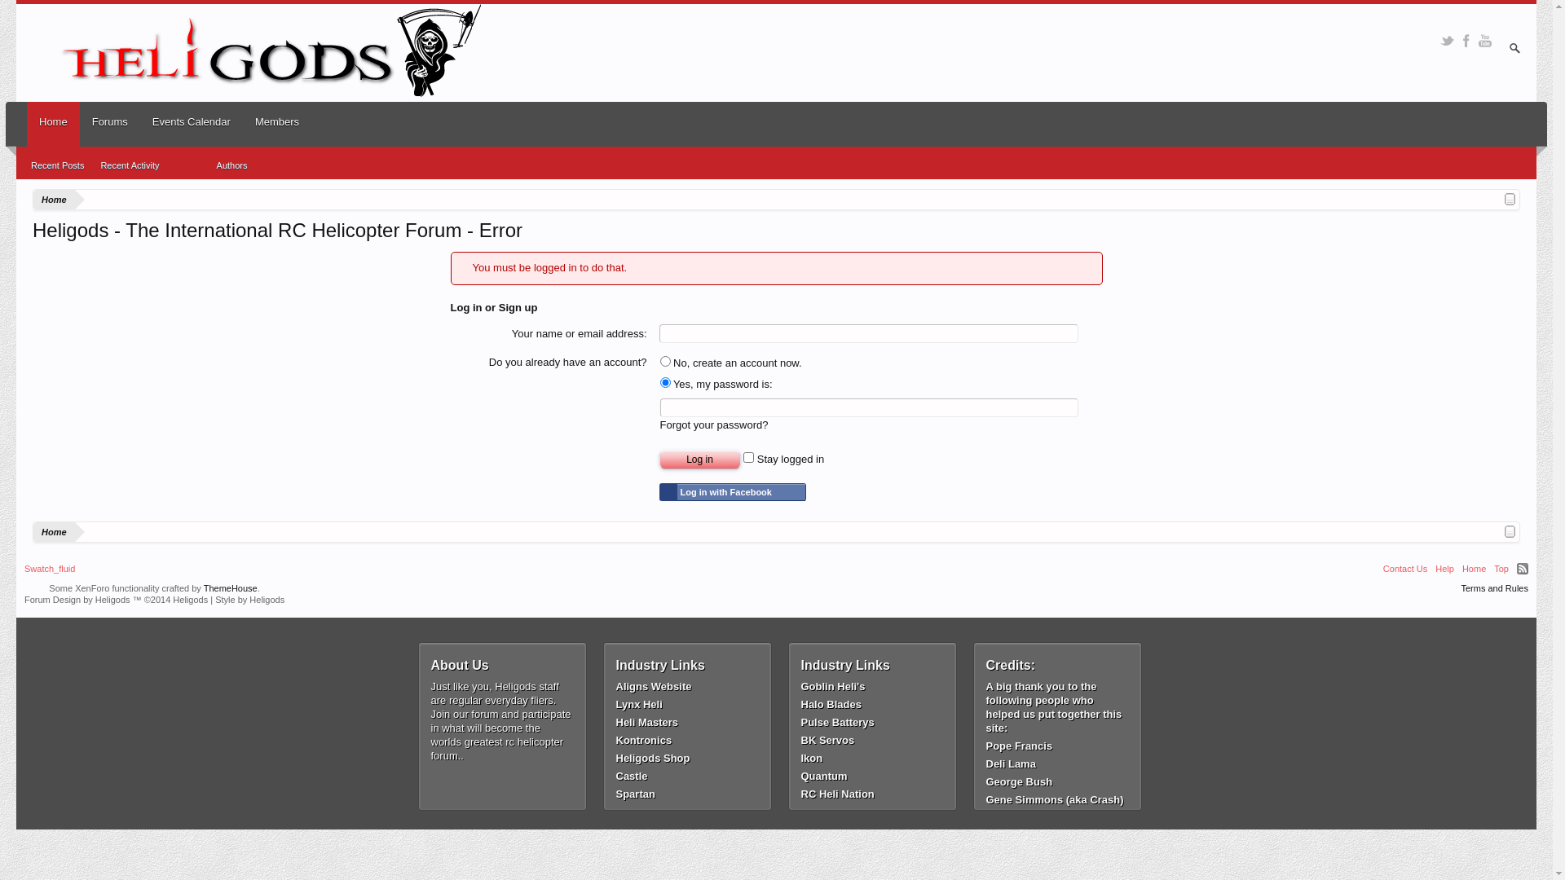 The height and width of the screenshot is (880, 1565). What do you see at coordinates (687, 721) in the screenshot?
I see `'Heli Masters'` at bounding box center [687, 721].